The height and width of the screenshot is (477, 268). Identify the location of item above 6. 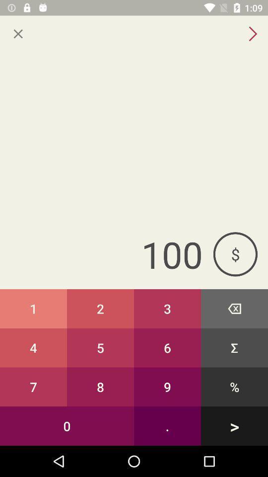
(234, 308).